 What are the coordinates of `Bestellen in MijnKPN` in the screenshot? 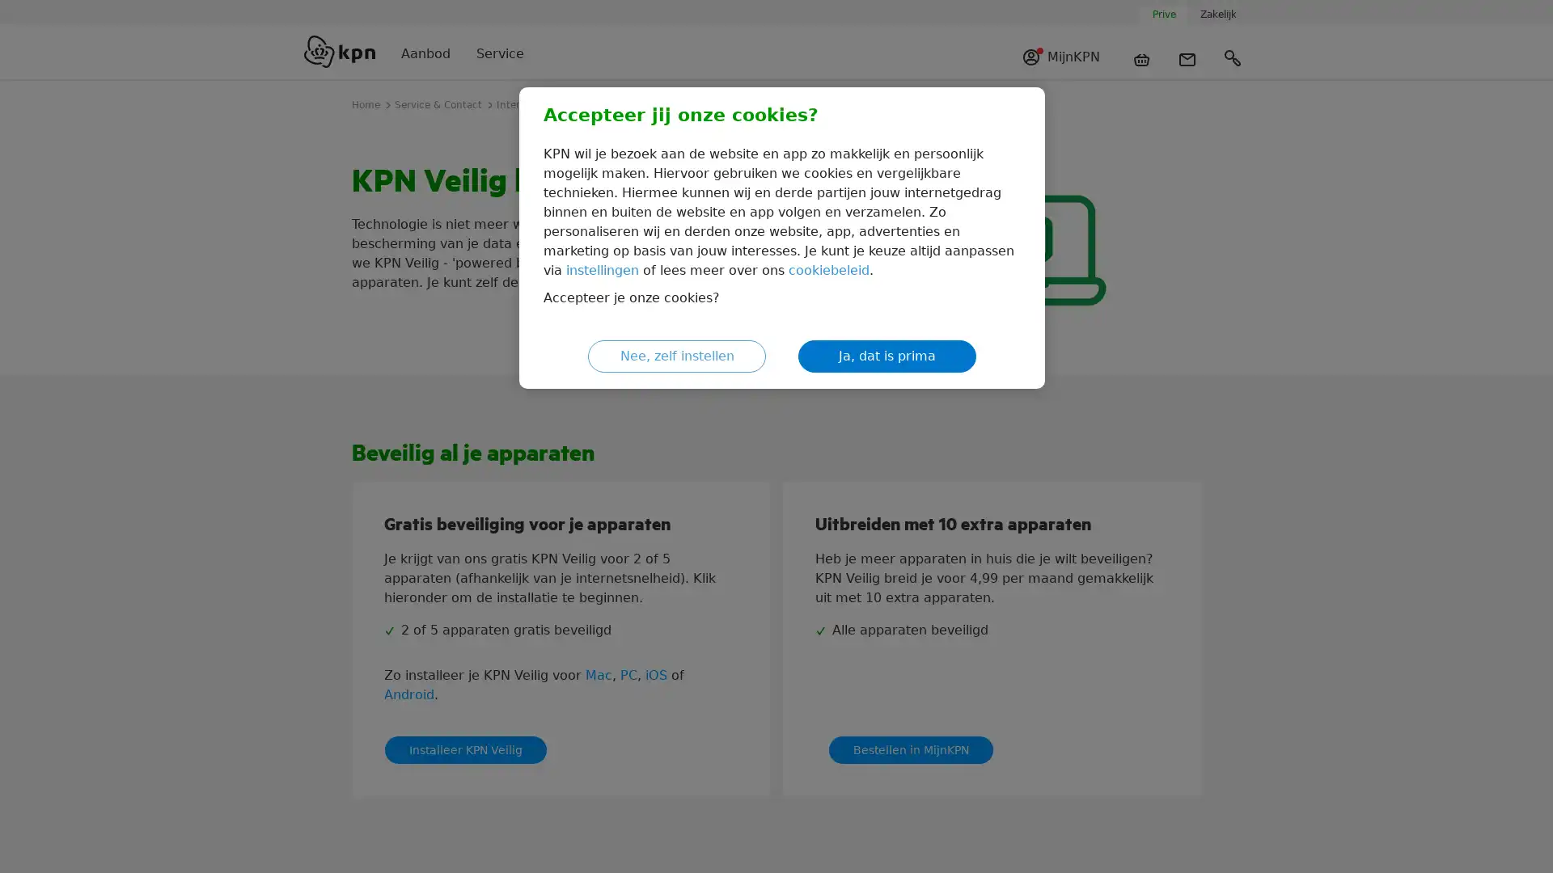 It's located at (910, 750).